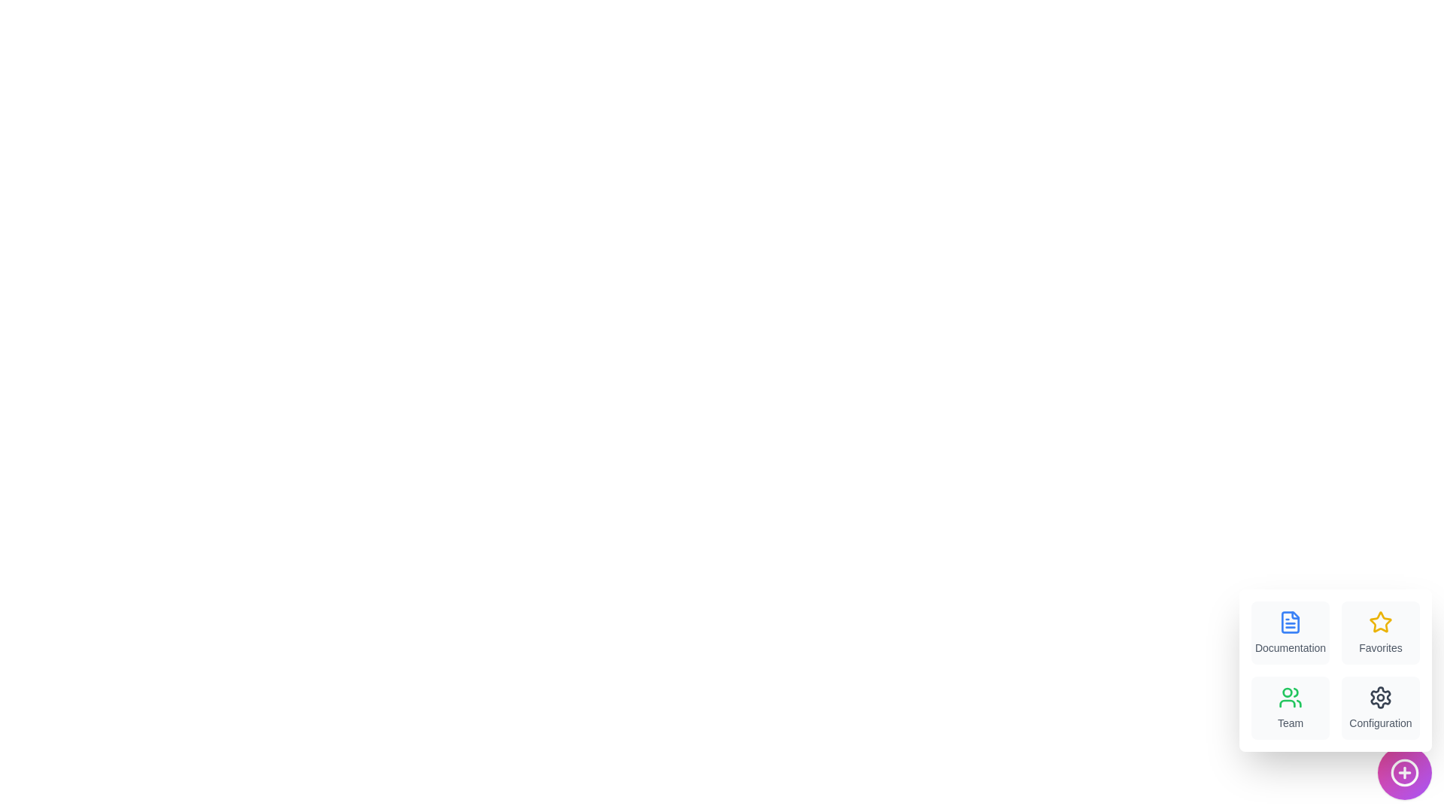 The image size is (1444, 812). Describe the element at coordinates (1381, 707) in the screenshot. I see `the menu item labeled Configuration to trigger its associated action` at that location.